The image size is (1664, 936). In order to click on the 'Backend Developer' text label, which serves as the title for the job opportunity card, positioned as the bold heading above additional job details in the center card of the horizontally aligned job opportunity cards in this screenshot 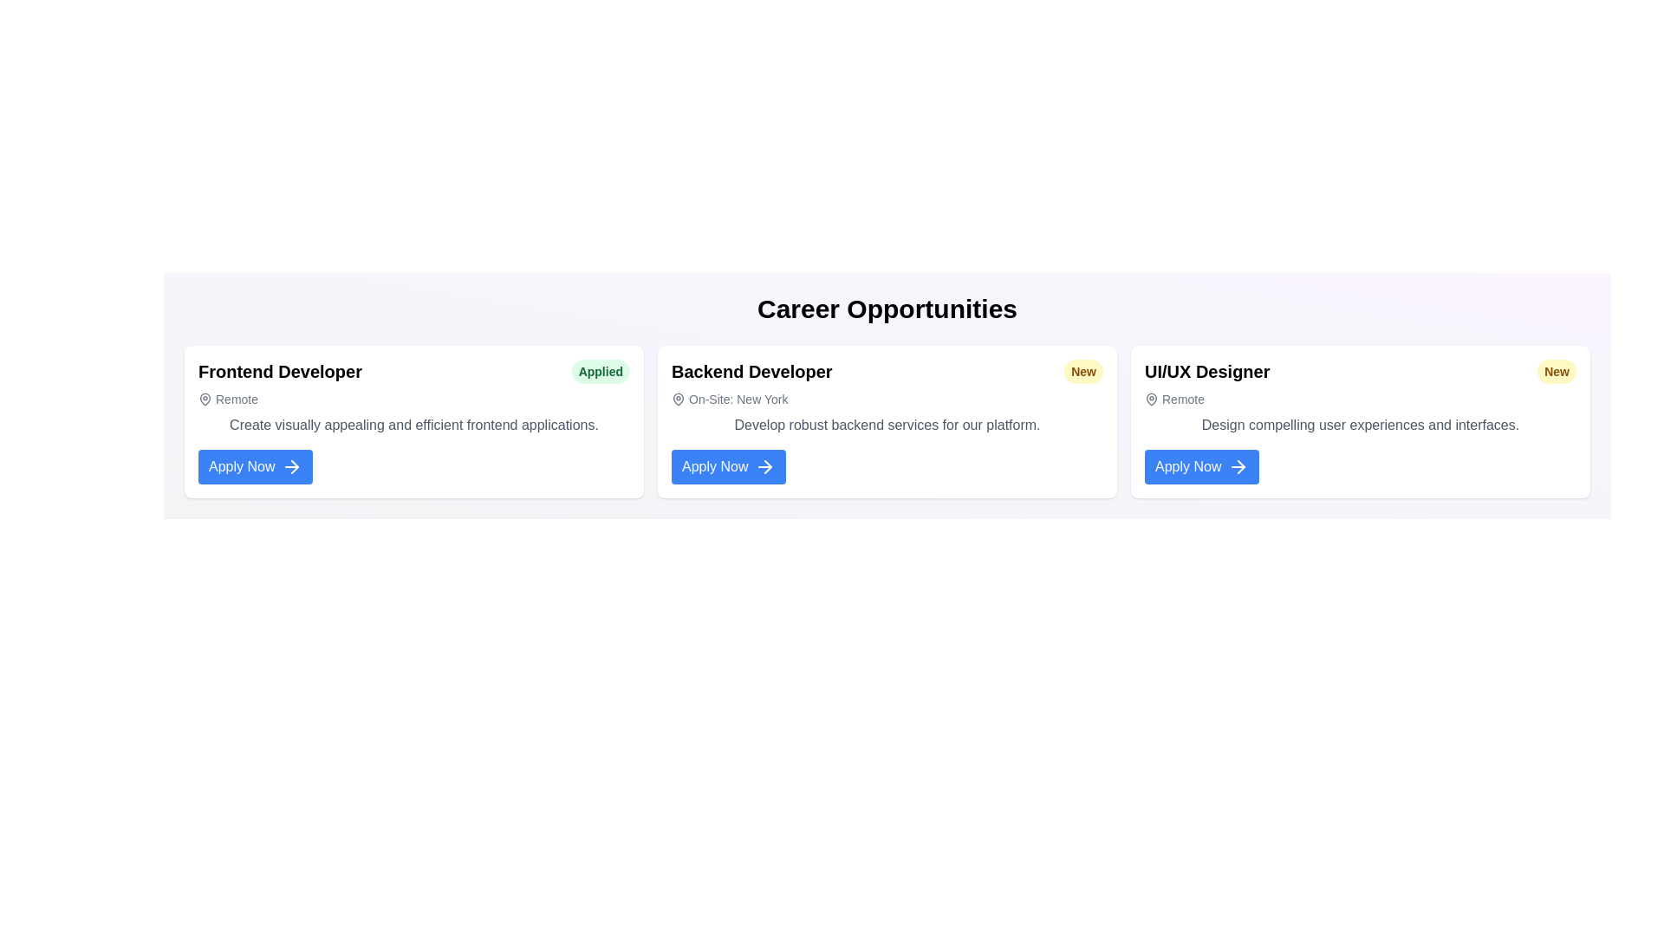, I will do `click(751, 370)`.